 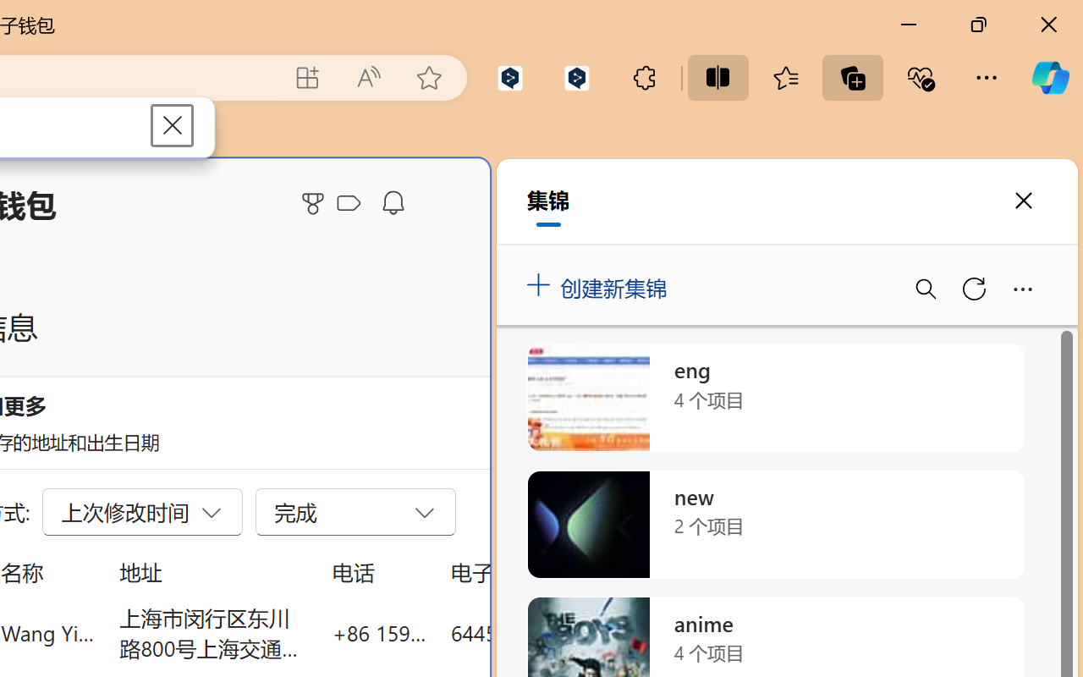 What do you see at coordinates (545, 632) in the screenshot?
I see `'644553698@qq.com'` at bounding box center [545, 632].